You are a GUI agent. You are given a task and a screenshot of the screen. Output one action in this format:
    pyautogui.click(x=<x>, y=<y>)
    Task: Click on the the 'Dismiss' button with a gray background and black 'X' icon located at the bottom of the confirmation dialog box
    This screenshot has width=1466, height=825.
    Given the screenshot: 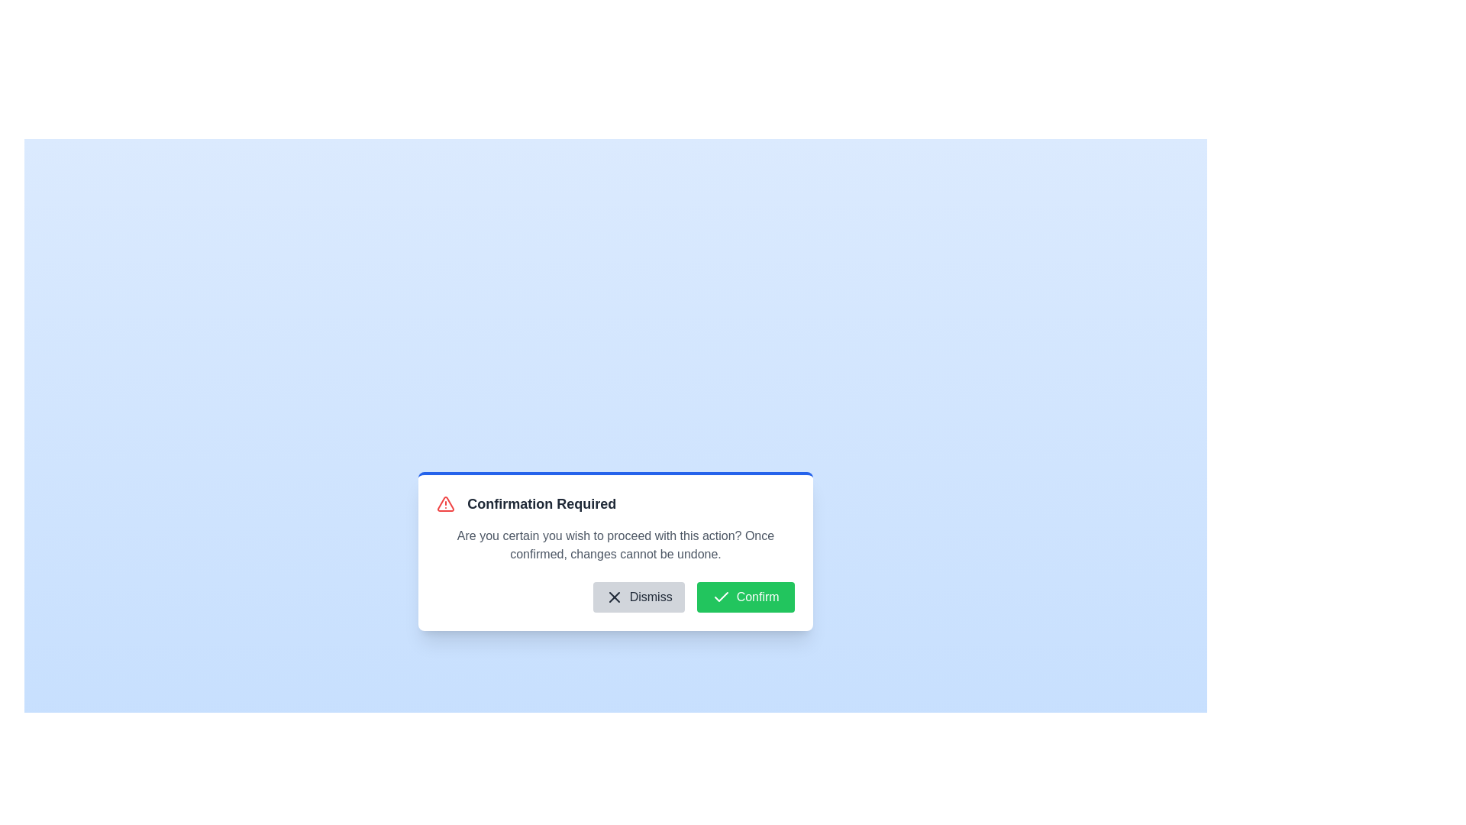 What is the action you would take?
    pyautogui.click(x=638, y=597)
    